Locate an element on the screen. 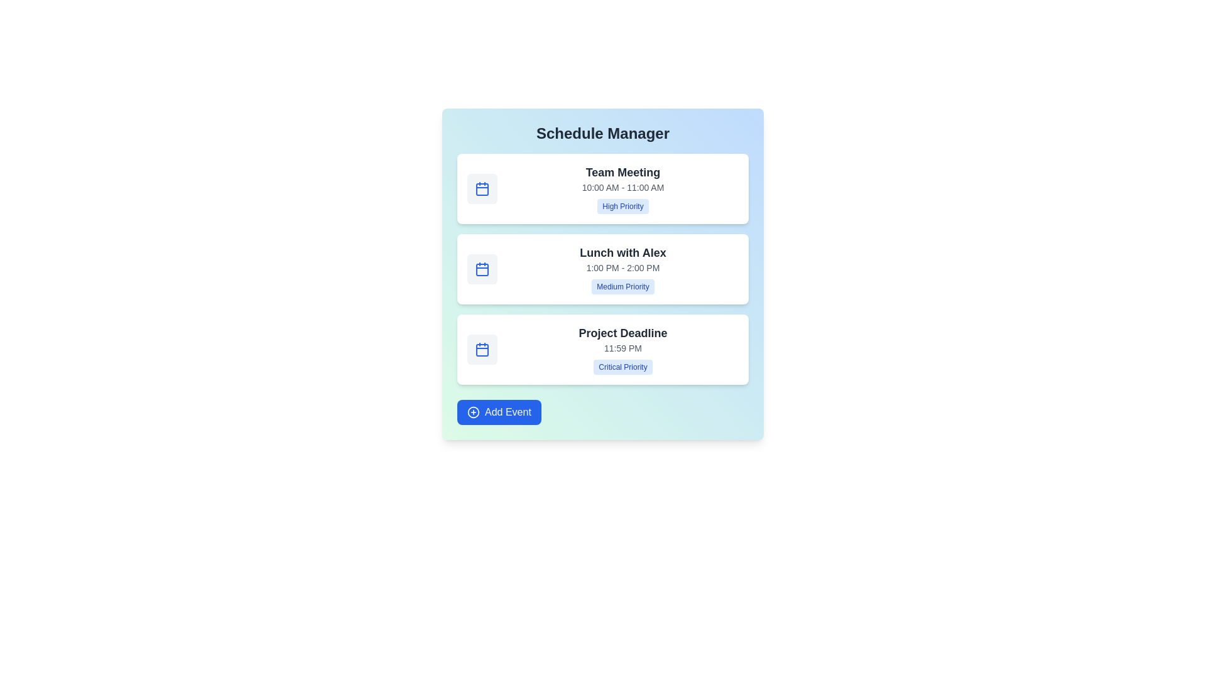  the priority label High Priority to focus on it is located at coordinates (623, 205).